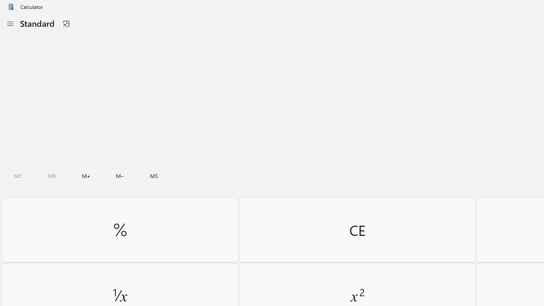  What do you see at coordinates (10, 23) in the screenshot?
I see `'Open Navigation'` at bounding box center [10, 23].